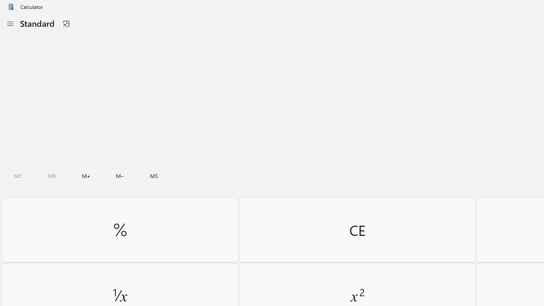  What do you see at coordinates (10, 23) in the screenshot?
I see `'Open Navigation'` at bounding box center [10, 23].